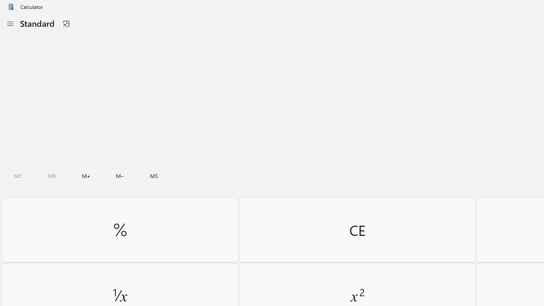  What do you see at coordinates (10, 23) in the screenshot?
I see `'Open Navigation'` at bounding box center [10, 23].